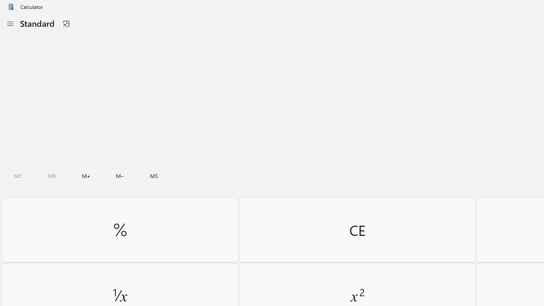  What do you see at coordinates (10, 23) in the screenshot?
I see `'Open Navigation'` at bounding box center [10, 23].